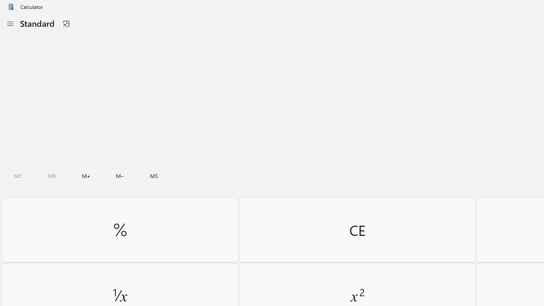  What do you see at coordinates (10, 23) in the screenshot?
I see `'Open Navigation'` at bounding box center [10, 23].